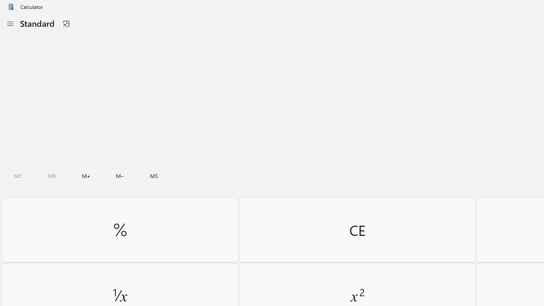  What do you see at coordinates (10, 23) in the screenshot?
I see `'Open Navigation'` at bounding box center [10, 23].